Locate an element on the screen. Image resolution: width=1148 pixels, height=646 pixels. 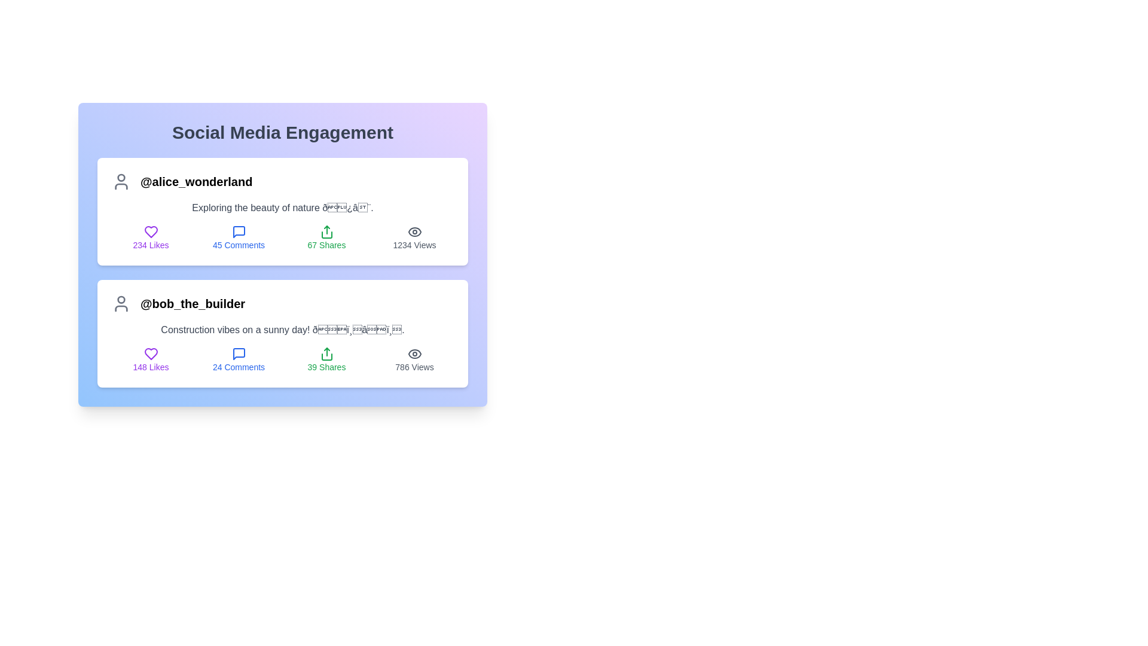
the '67 Shares' button, which is styled with green text and an icon, to initiate a share action is located at coordinates (326, 237).